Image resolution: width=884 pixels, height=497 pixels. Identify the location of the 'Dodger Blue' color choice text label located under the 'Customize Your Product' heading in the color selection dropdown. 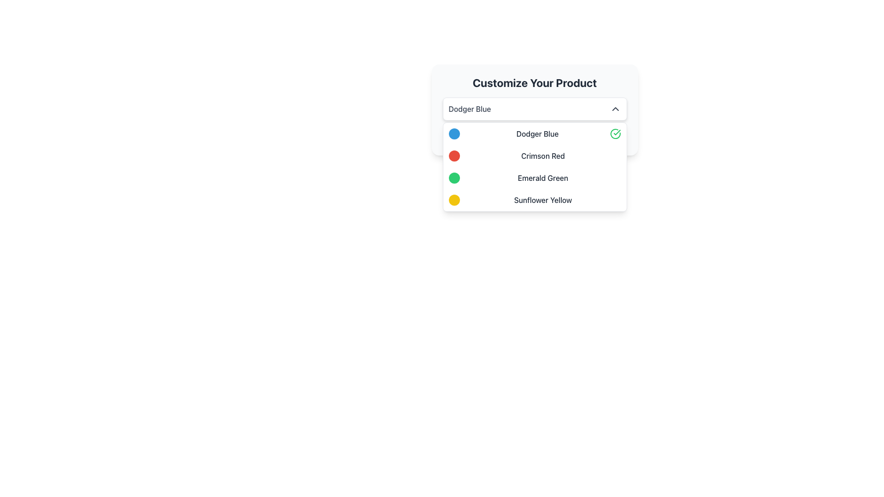
(535, 138).